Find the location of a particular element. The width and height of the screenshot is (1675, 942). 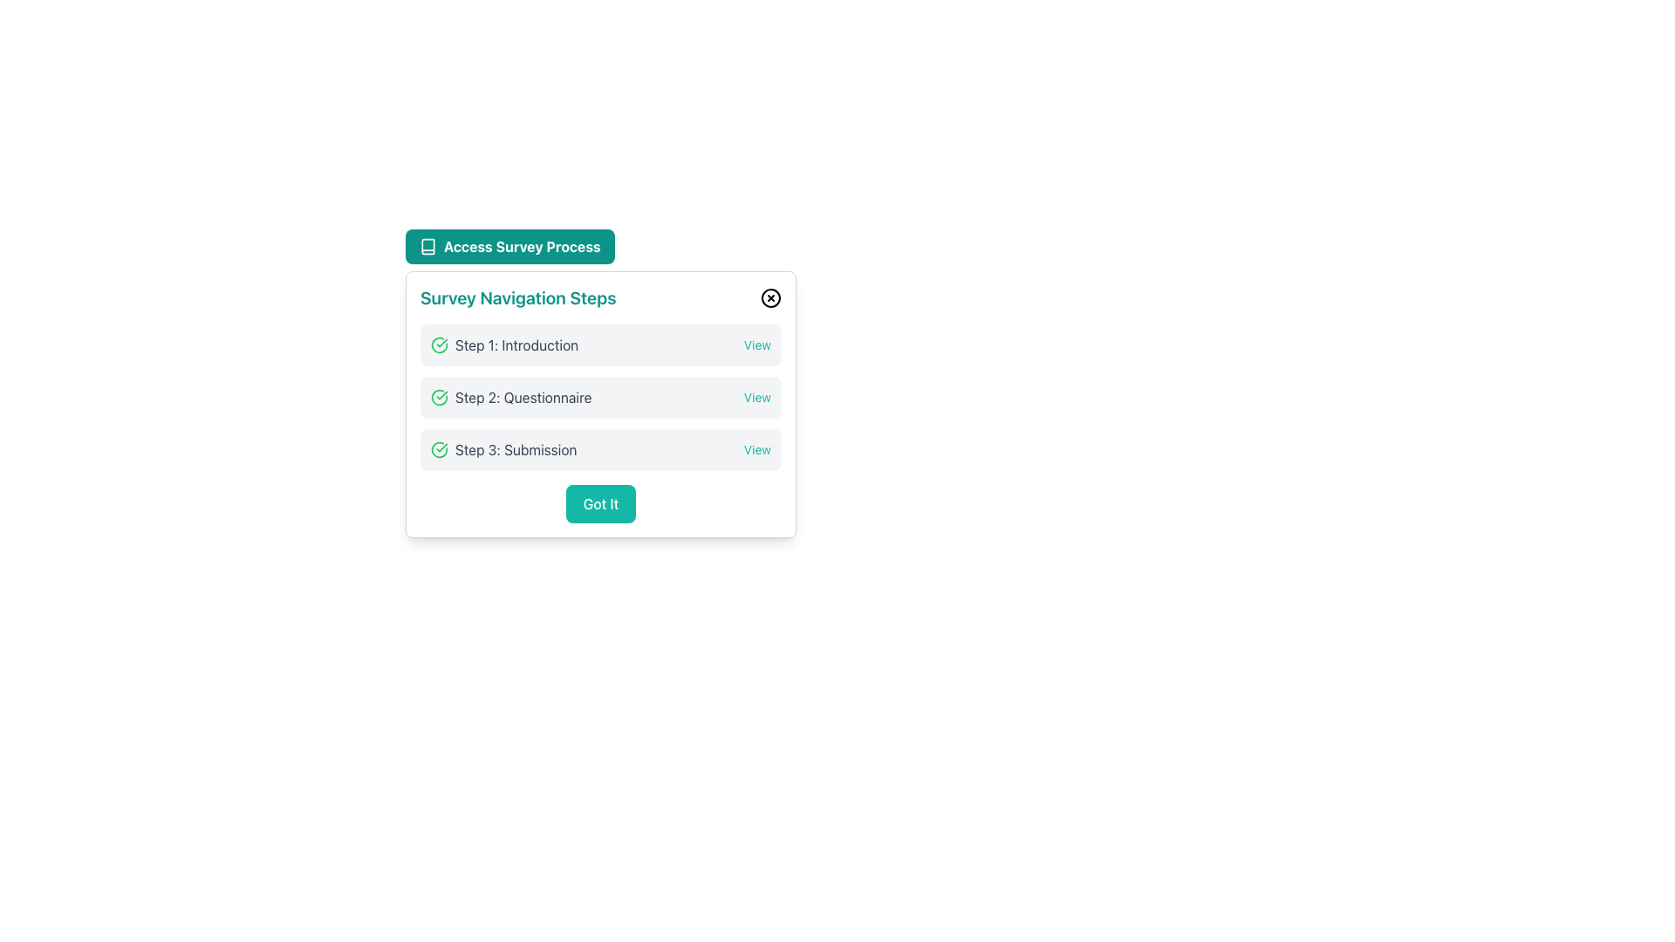

the confirmation button located at the bottom of the 'Survey Navigation Steps' panel to acknowledge completion of the information presented is located at coordinates (601, 504).